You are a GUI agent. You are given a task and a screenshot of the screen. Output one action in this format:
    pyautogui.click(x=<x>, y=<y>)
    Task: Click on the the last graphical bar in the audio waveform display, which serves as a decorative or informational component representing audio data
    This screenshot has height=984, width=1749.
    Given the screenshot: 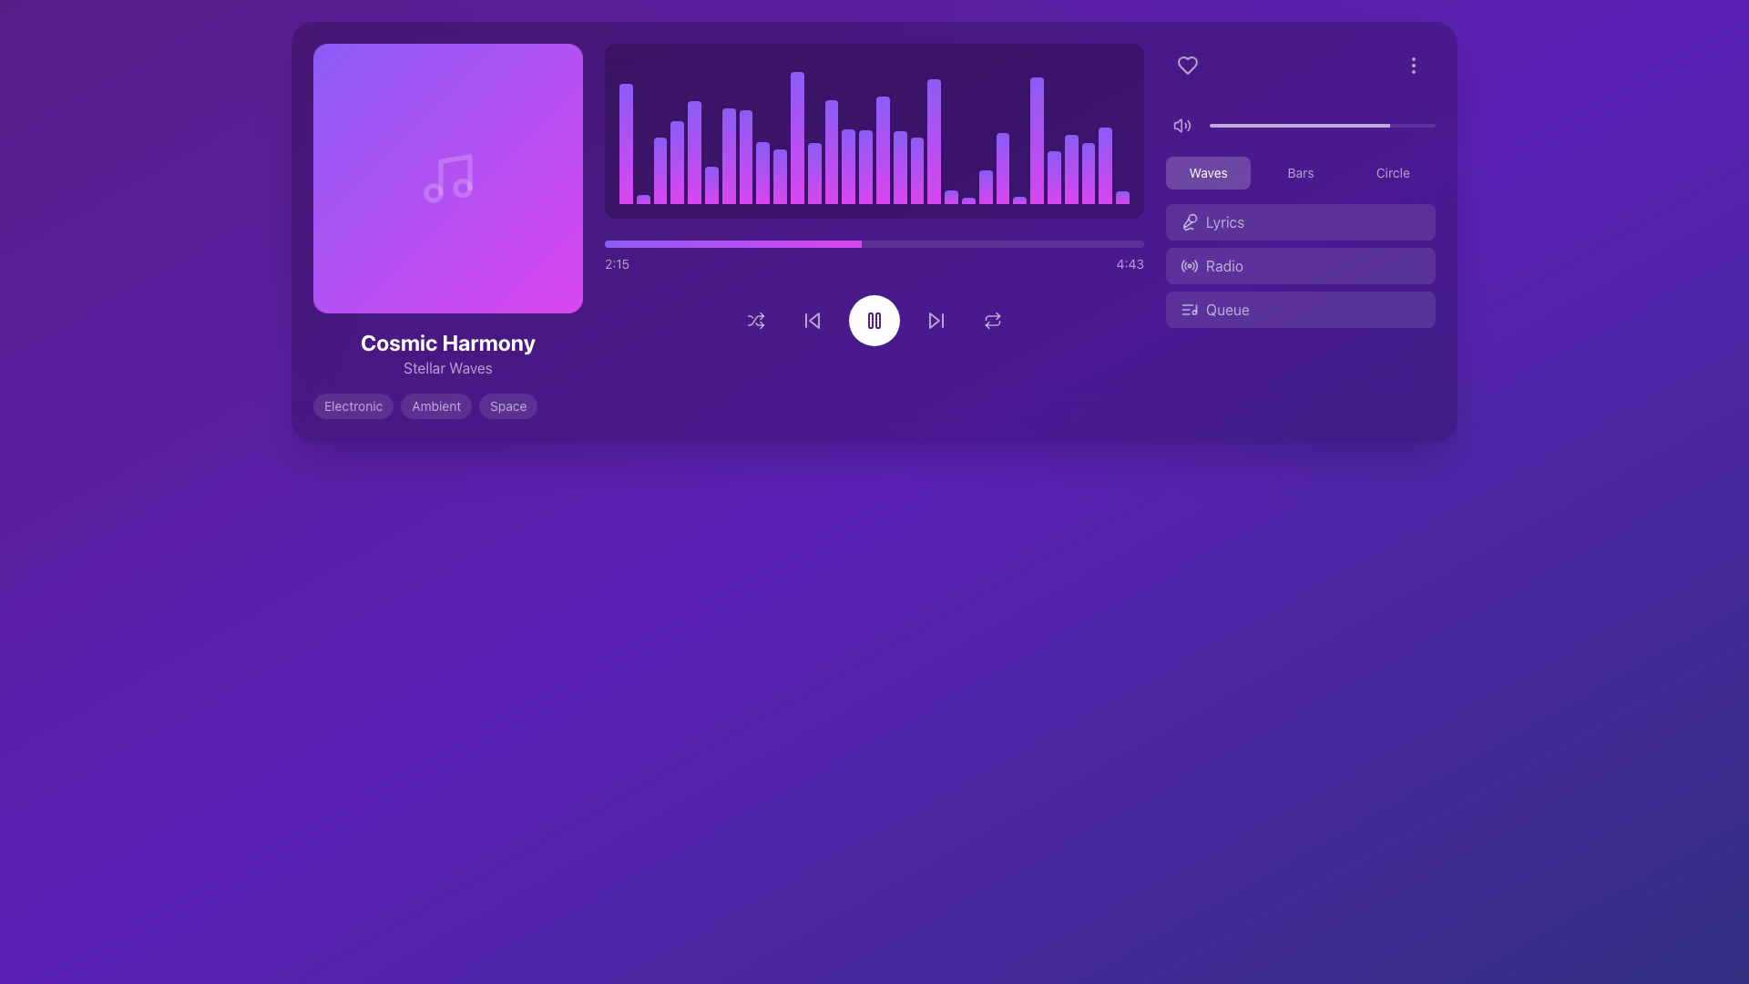 What is the action you would take?
    pyautogui.click(x=1121, y=197)
    